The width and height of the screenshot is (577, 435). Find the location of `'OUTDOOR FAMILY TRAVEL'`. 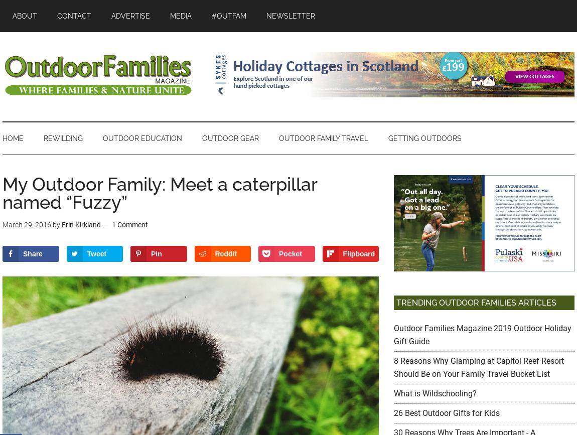

'OUTDOOR FAMILY TRAVEL' is located at coordinates (323, 138).